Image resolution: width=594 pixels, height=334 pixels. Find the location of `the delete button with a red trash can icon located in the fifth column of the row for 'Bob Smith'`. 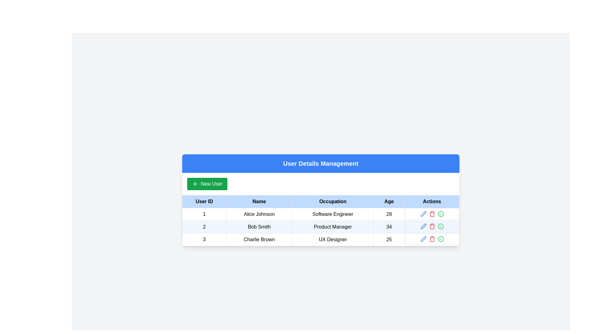

the delete button with a red trash can icon located in the fifth column of the row for 'Bob Smith' is located at coordinates (432, 226).